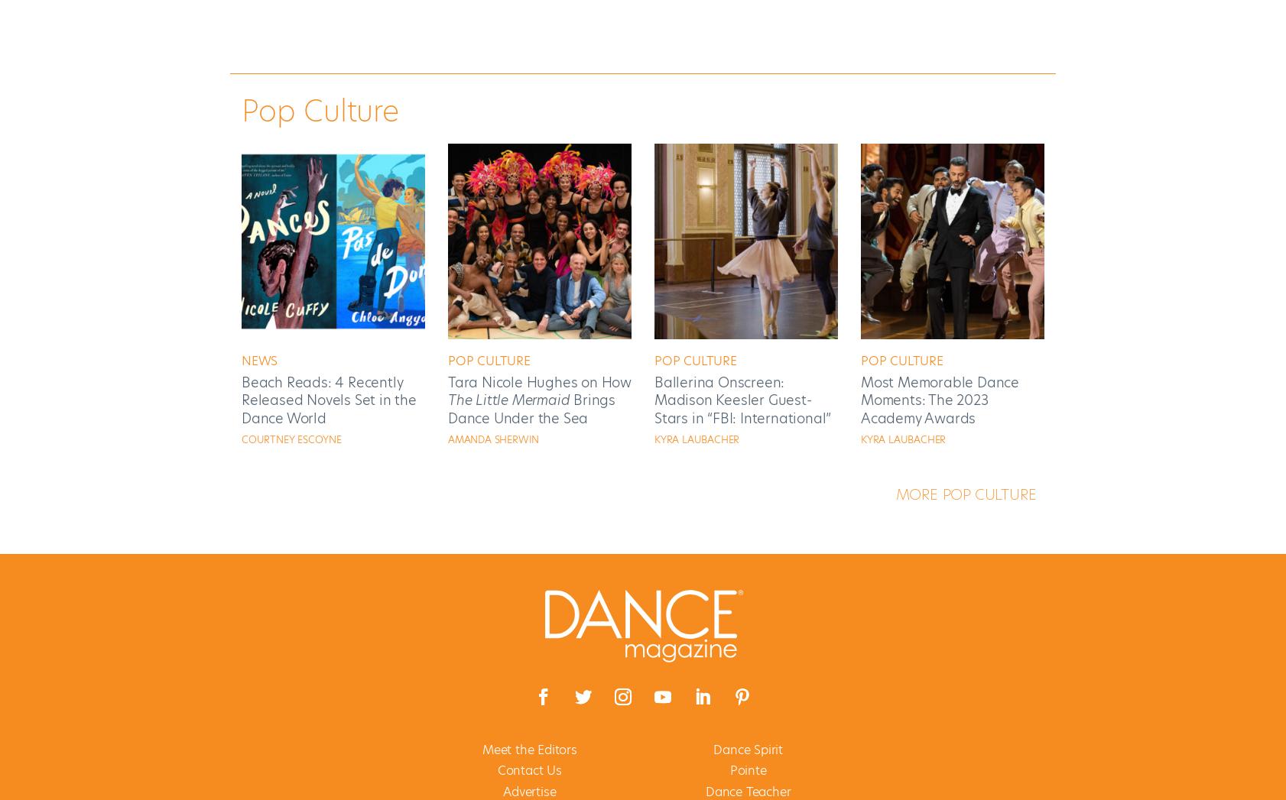  Describe the element at coordinates (742, 399) in the screenshot. I see `'Ballerina Onscreen: Madison Keesler Guest-Stars in “FBI: International”'` at that location.